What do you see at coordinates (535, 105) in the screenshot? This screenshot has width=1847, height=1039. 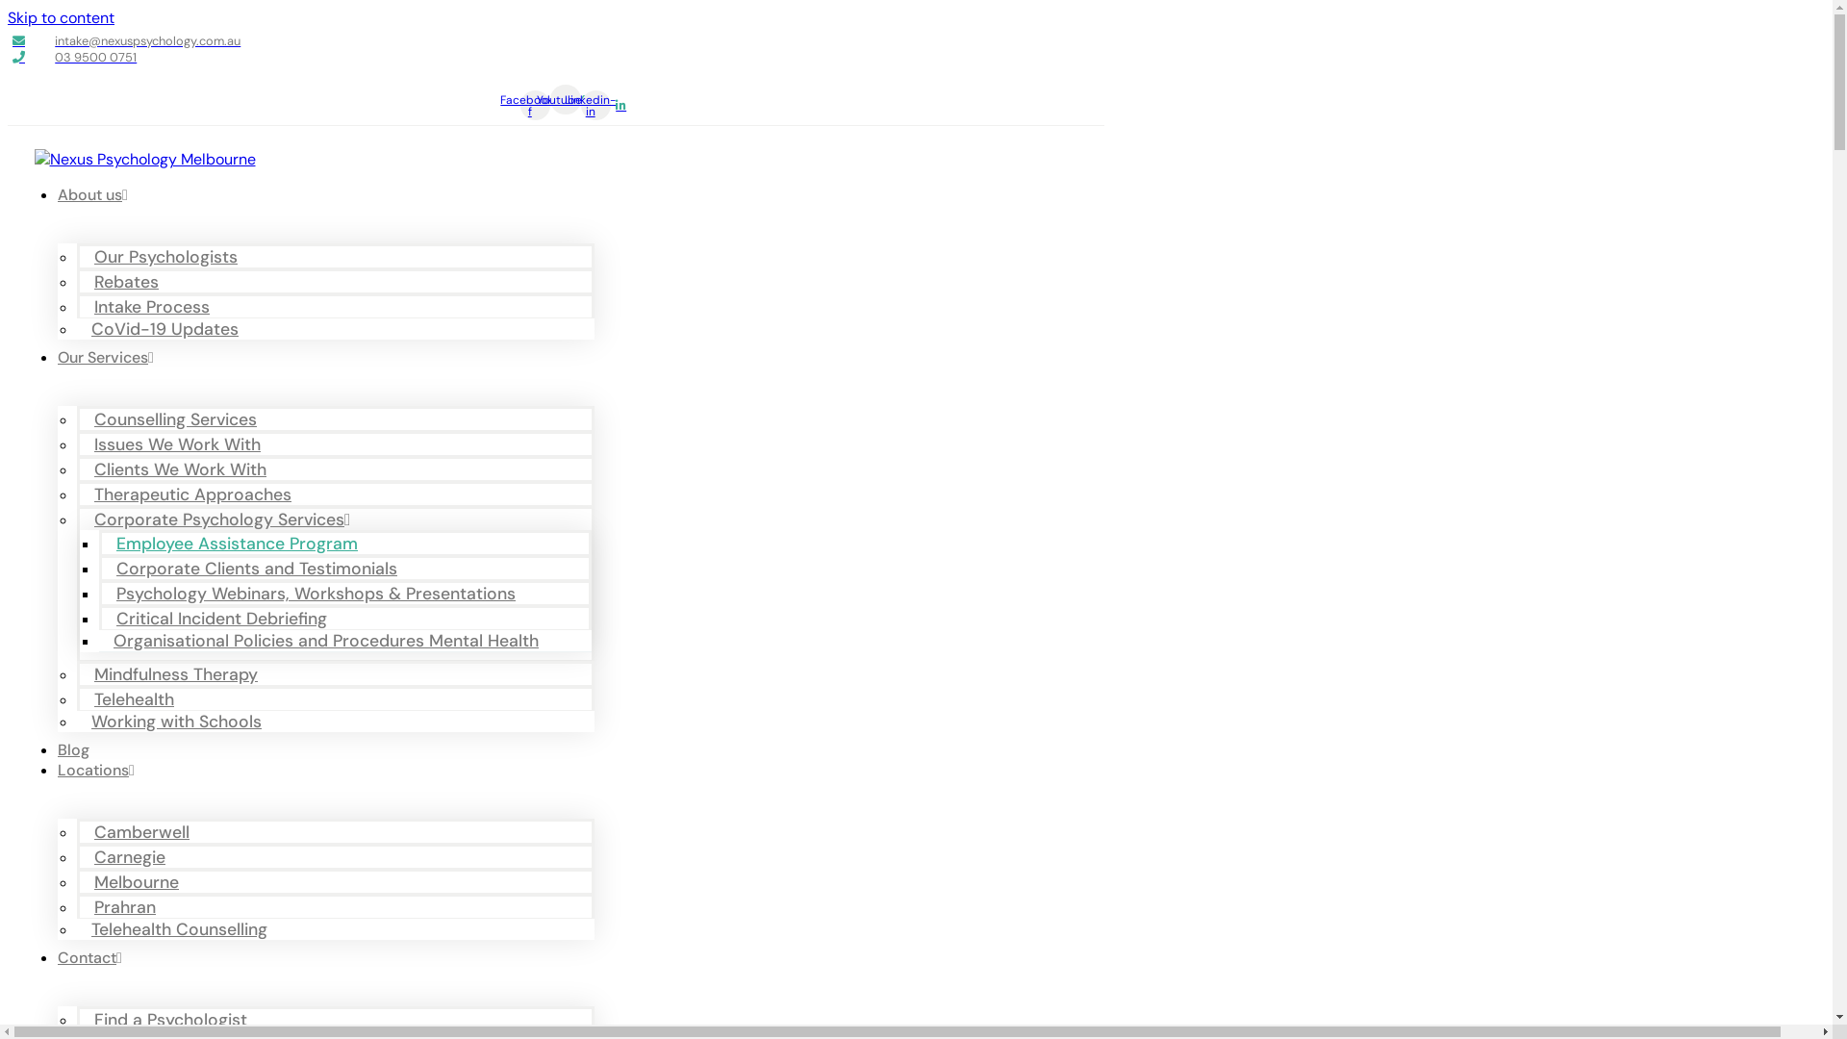 I see `'Facebook-f'` at bounding box center [535, 105].